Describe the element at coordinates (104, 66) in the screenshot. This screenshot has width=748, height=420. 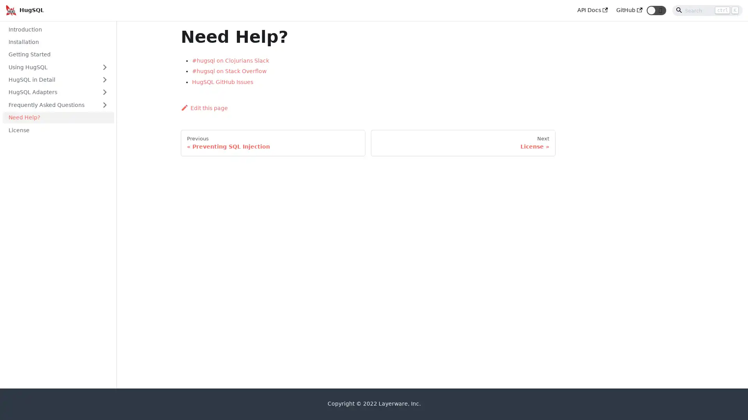
I see `Toggle the collapsible sidebar category 'Using HugSQL'` at that location.